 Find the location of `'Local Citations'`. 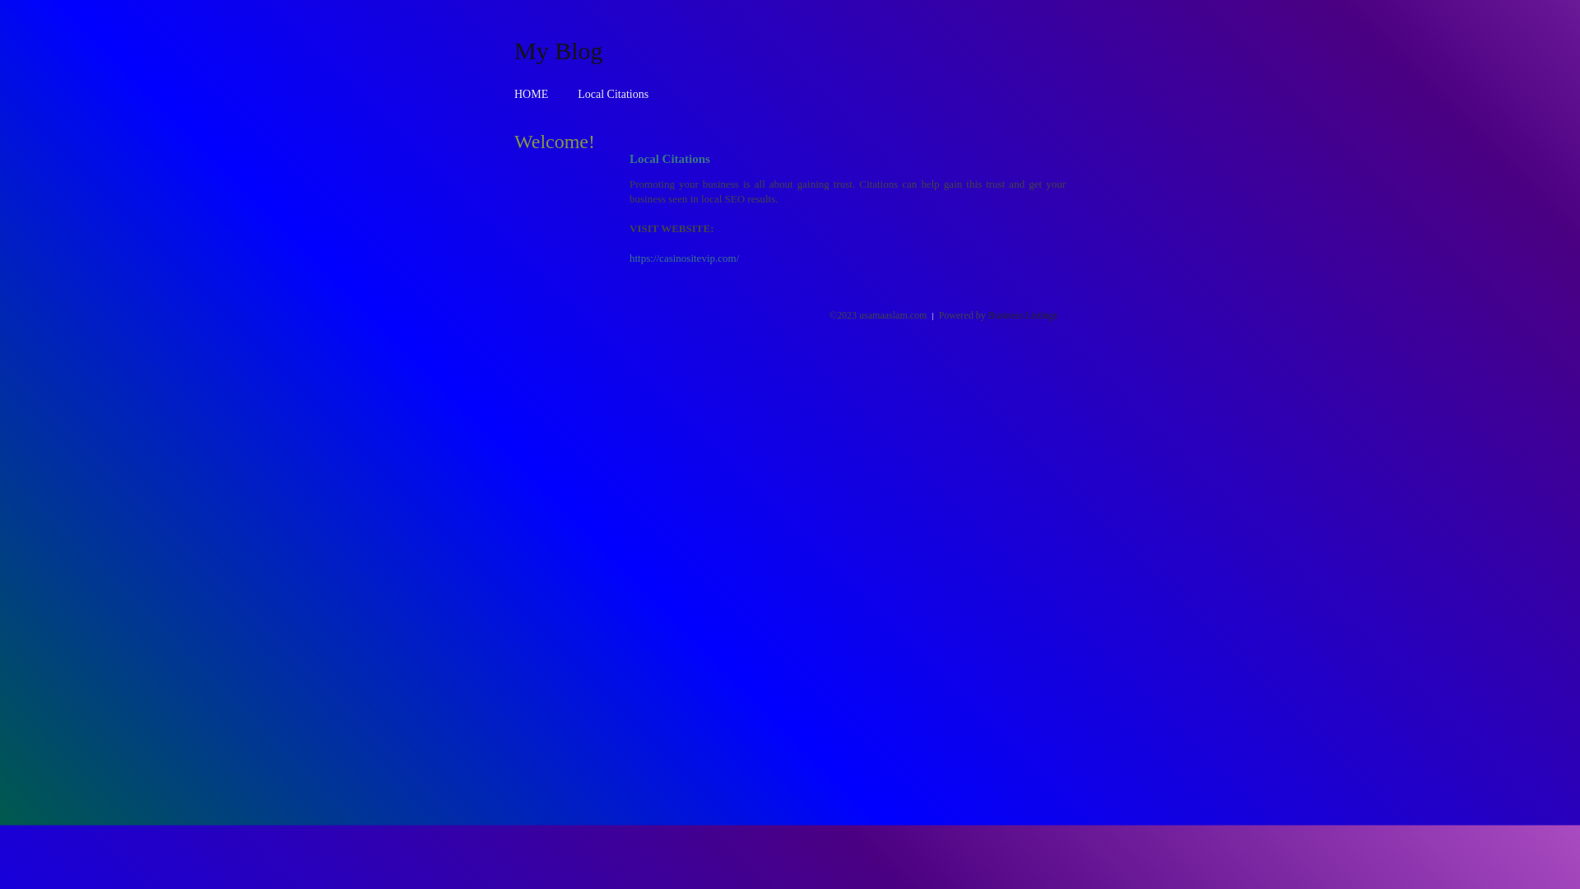

'Local Citations' is located at coordinates (577, 94).